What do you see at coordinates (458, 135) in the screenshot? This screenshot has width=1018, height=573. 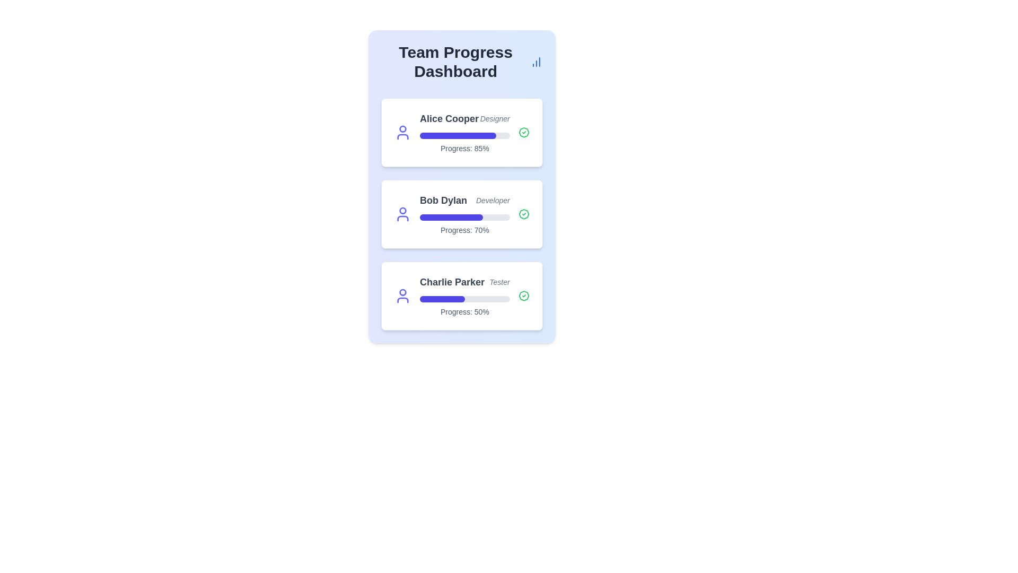 I see `the progress bar located under the name 'Alice Cooper' and above the text 'Progress: 85%' in the 'Team Progress Dashboard'` at bounding box center [458, 135].